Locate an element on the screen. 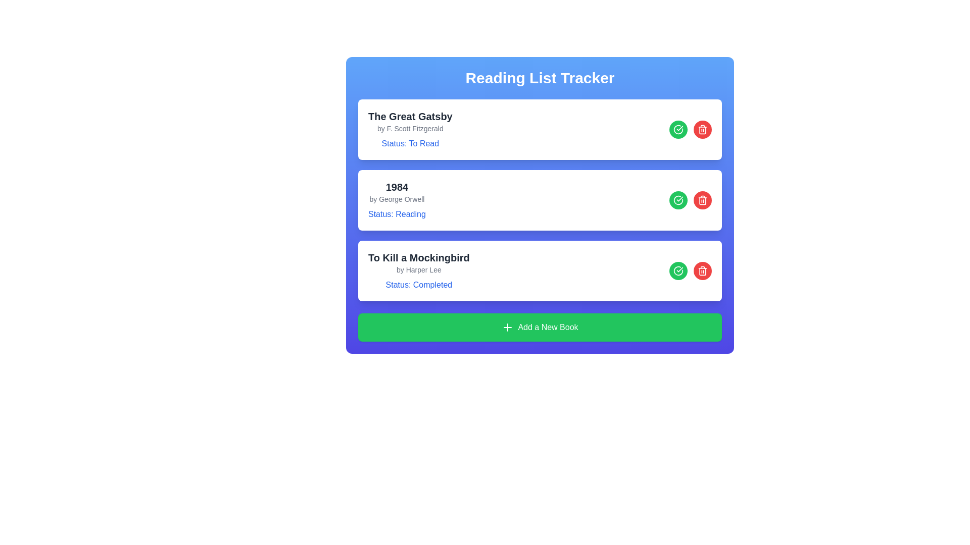  the completion status icon located in the third book card, which is represented as an SVG element is located at coordinates (678, 270).